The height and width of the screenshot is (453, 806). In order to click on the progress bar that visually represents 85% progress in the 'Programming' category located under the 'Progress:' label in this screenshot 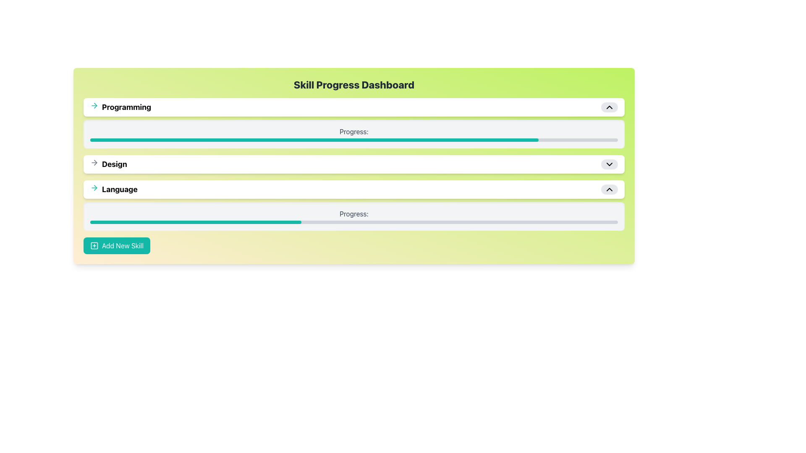, I will do `click(354, 140)`.